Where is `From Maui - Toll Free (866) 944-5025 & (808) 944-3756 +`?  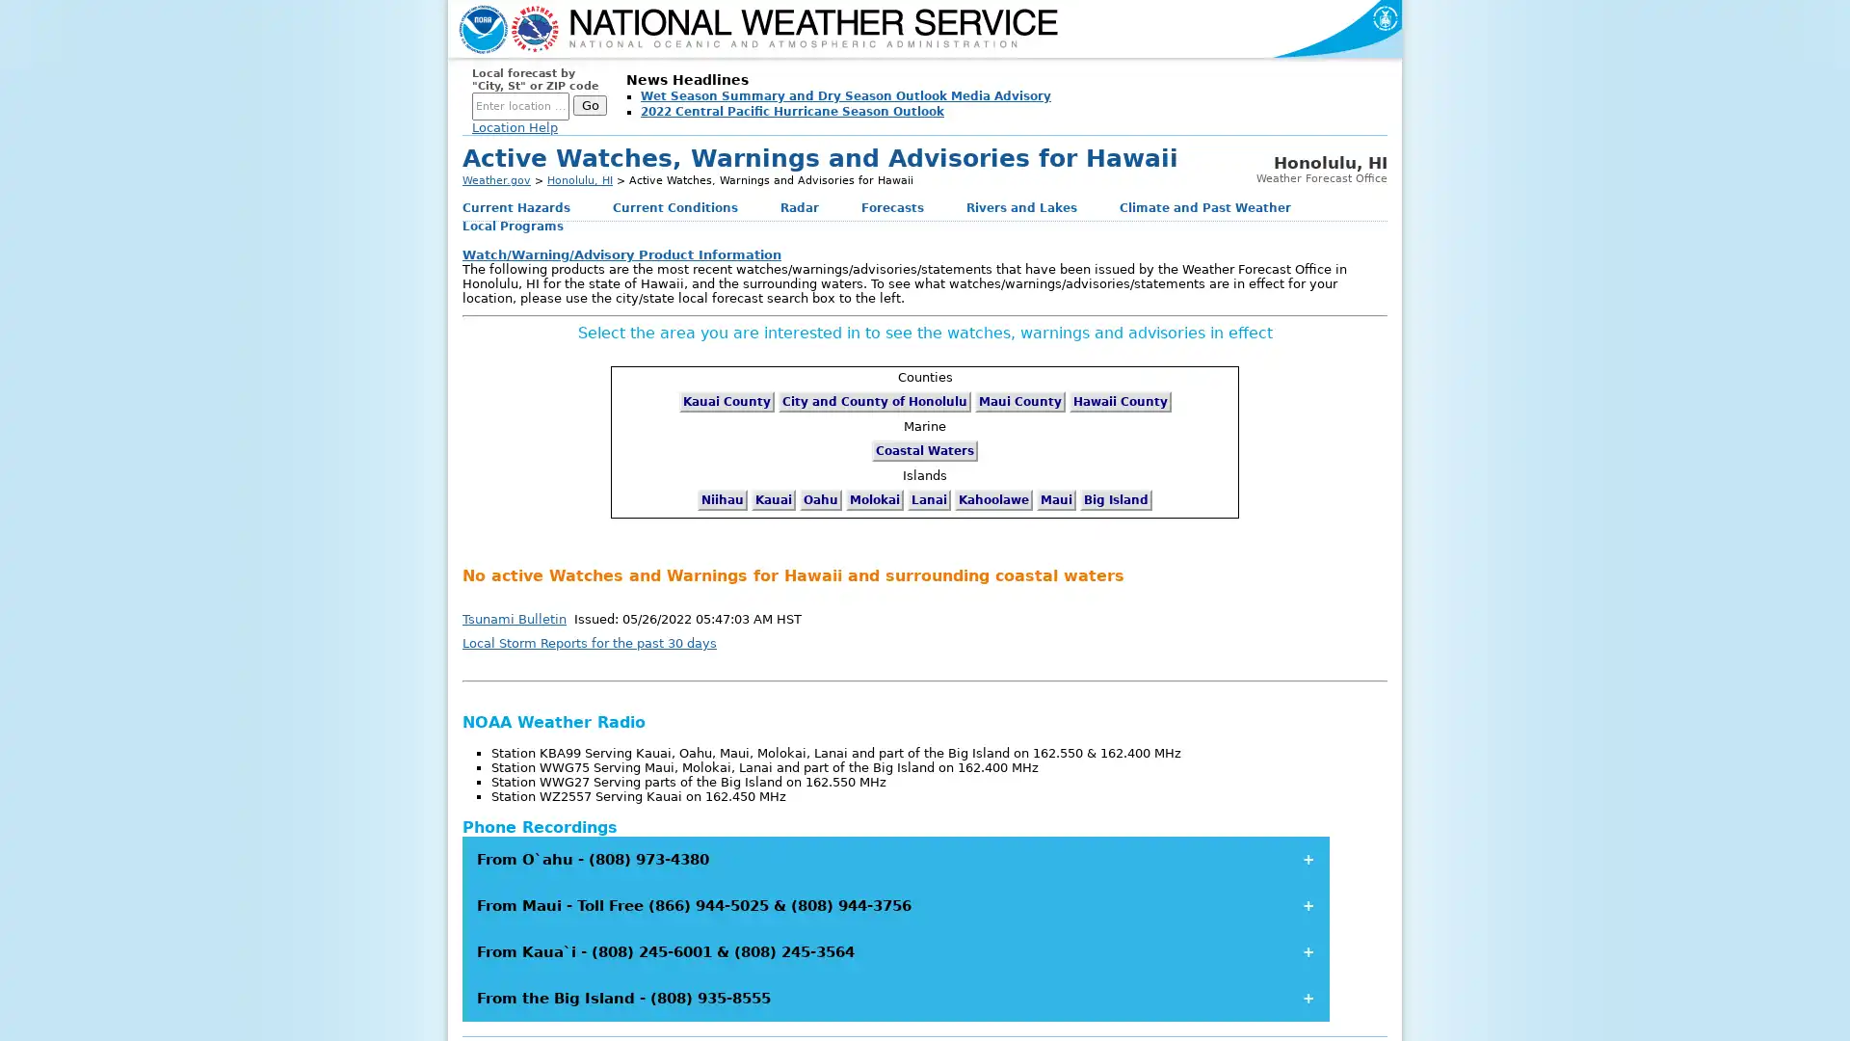 From Maui - Toll Free (866) 944-5025 & (808) 944-3756 + is located at coordinates (895, 904).